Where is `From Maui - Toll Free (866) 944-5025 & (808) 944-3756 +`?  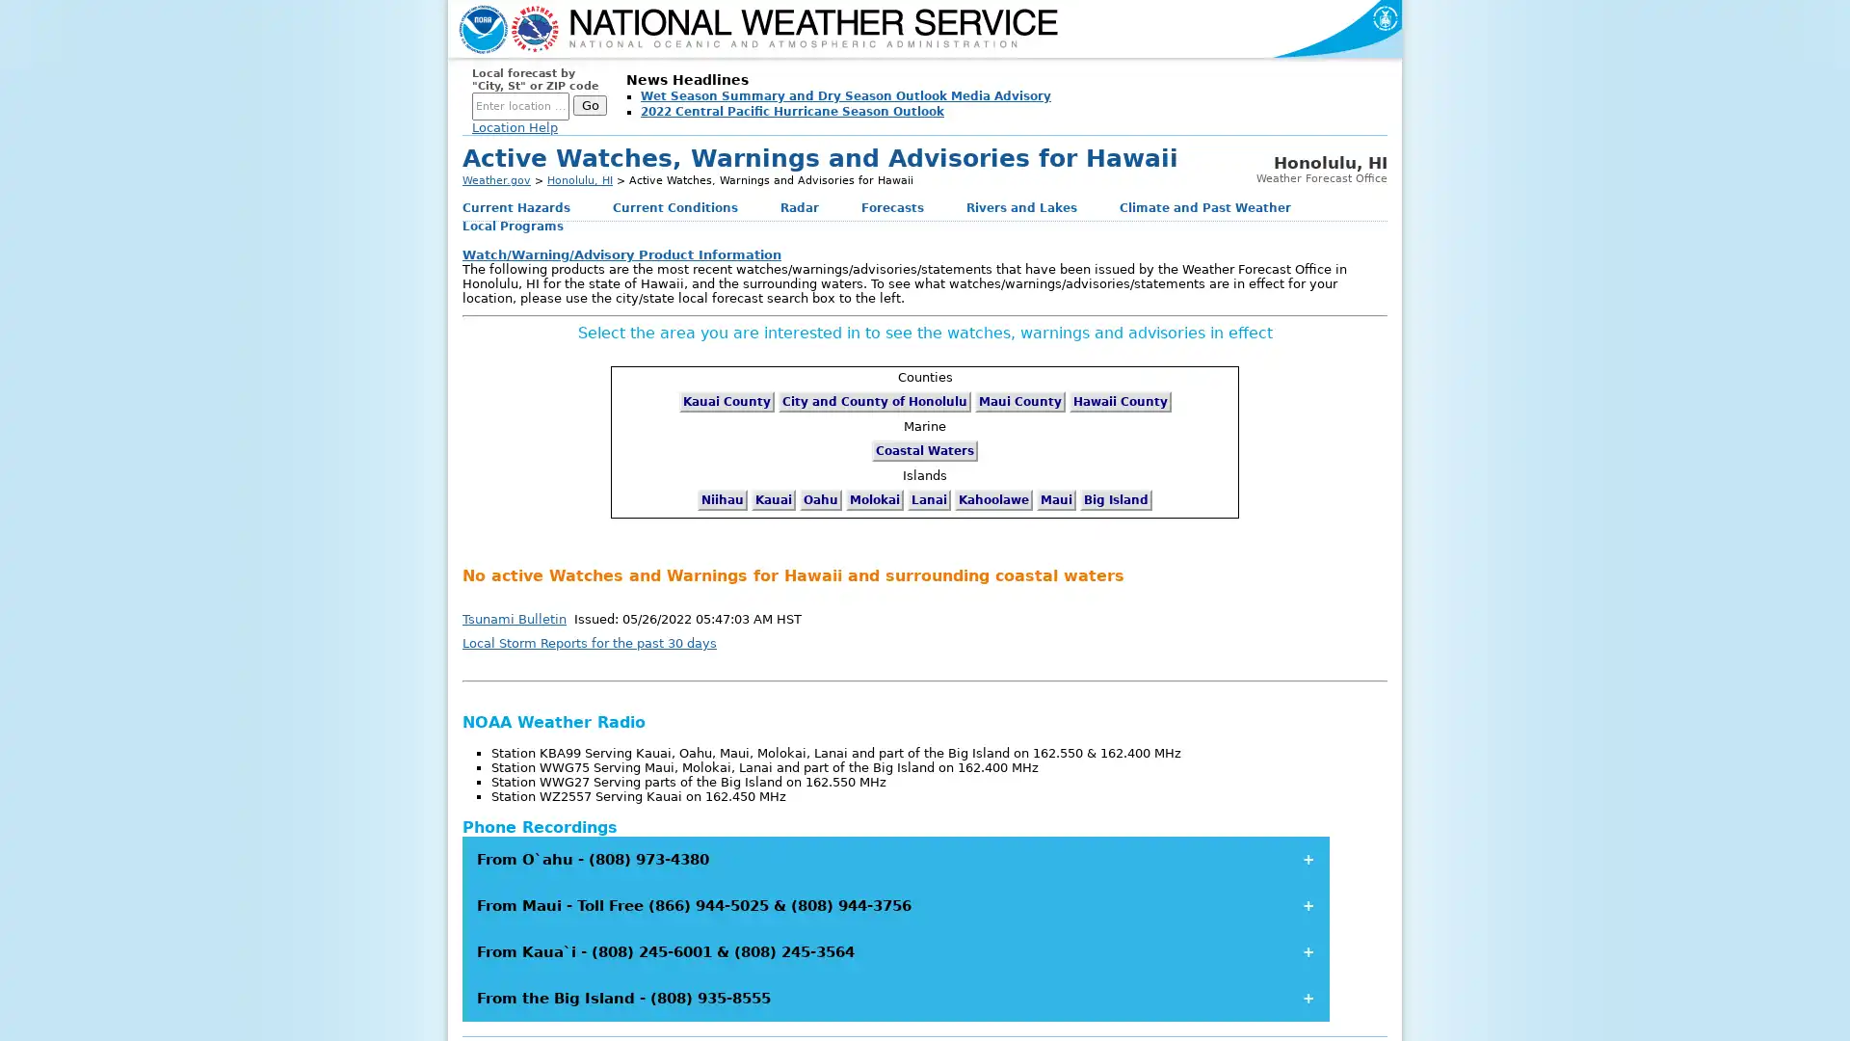 From Maui - Toll Free (866) 944-5025 & (808) 944-3756 + is located at coordinates (895, 904).